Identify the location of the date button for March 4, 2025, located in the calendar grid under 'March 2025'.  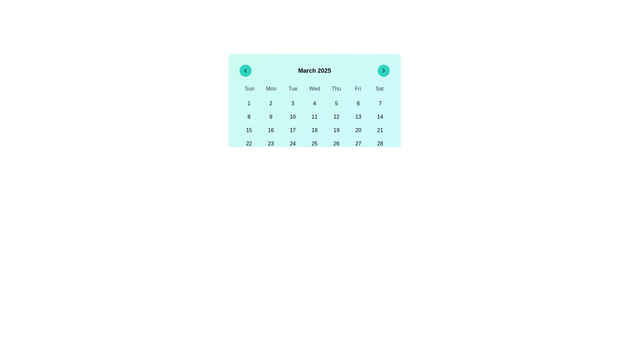
(314, 103).